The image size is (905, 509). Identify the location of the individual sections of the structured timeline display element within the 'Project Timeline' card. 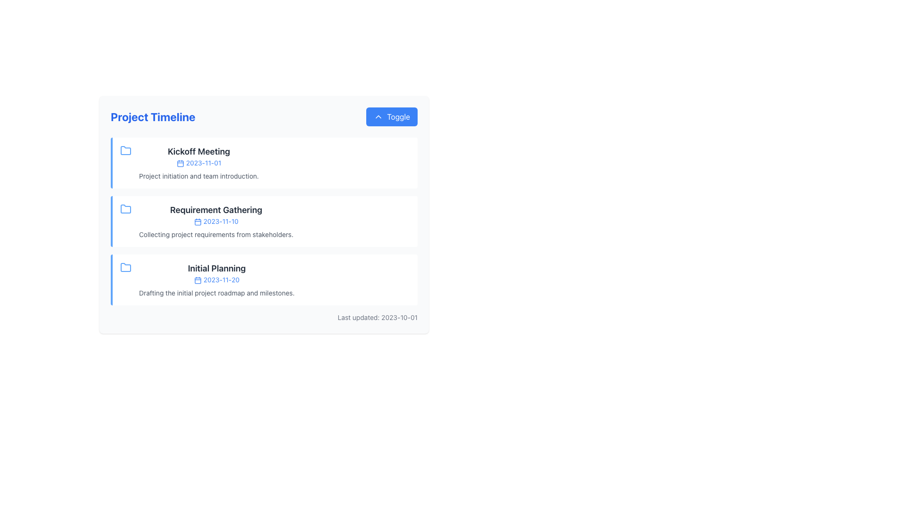
(264, 222).